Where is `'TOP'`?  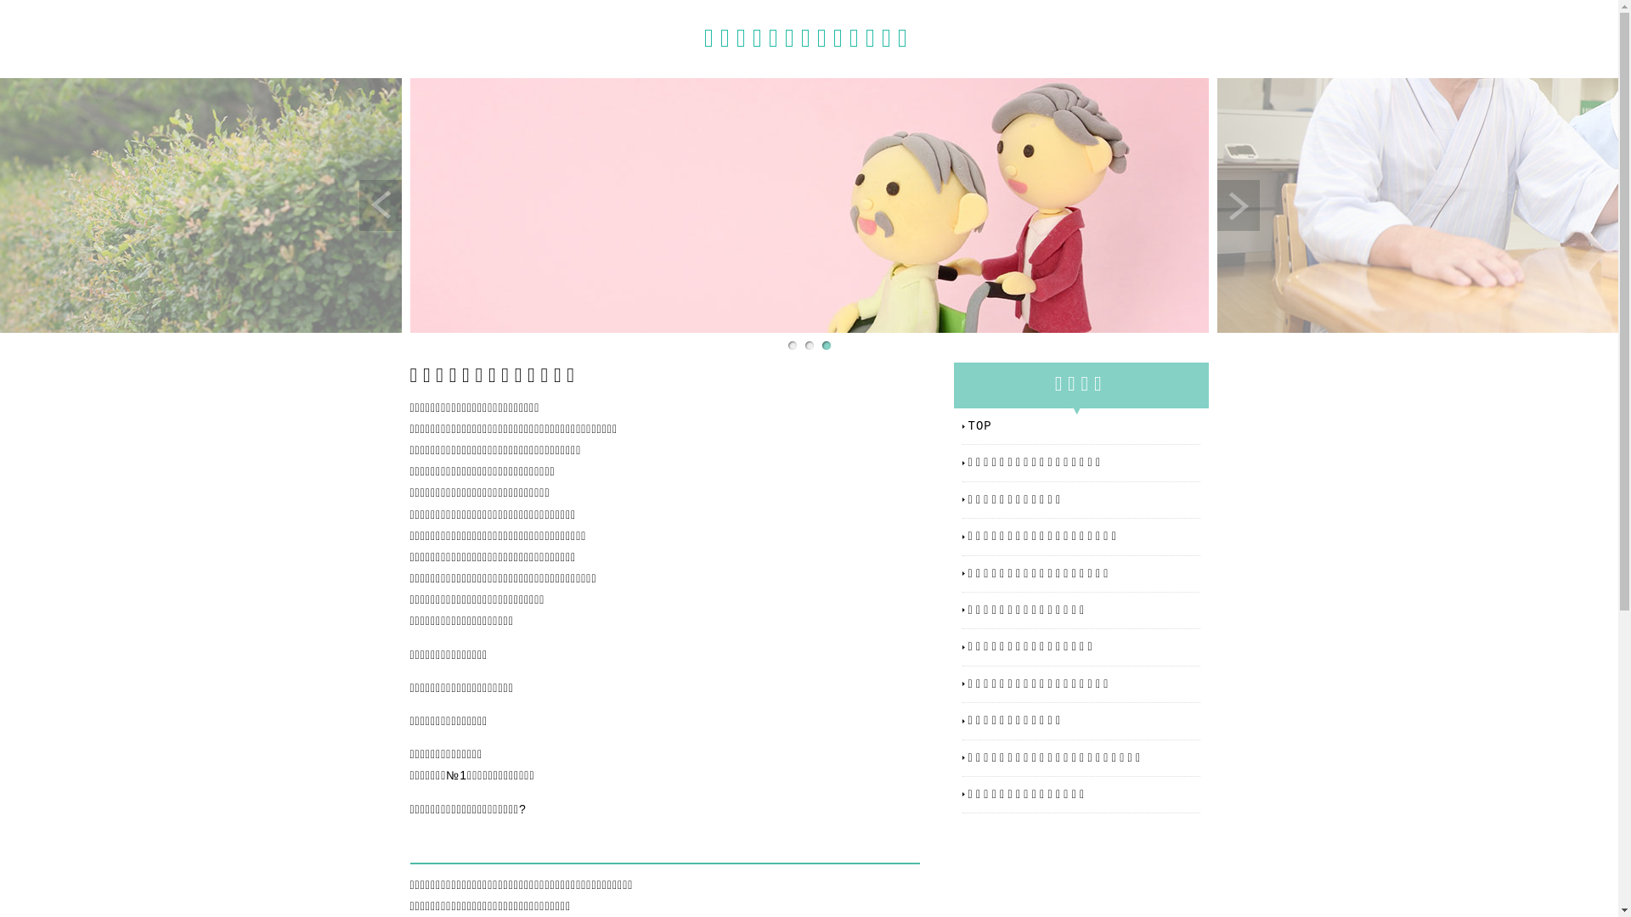
'TOP' is located at coordinates (1083, 425).